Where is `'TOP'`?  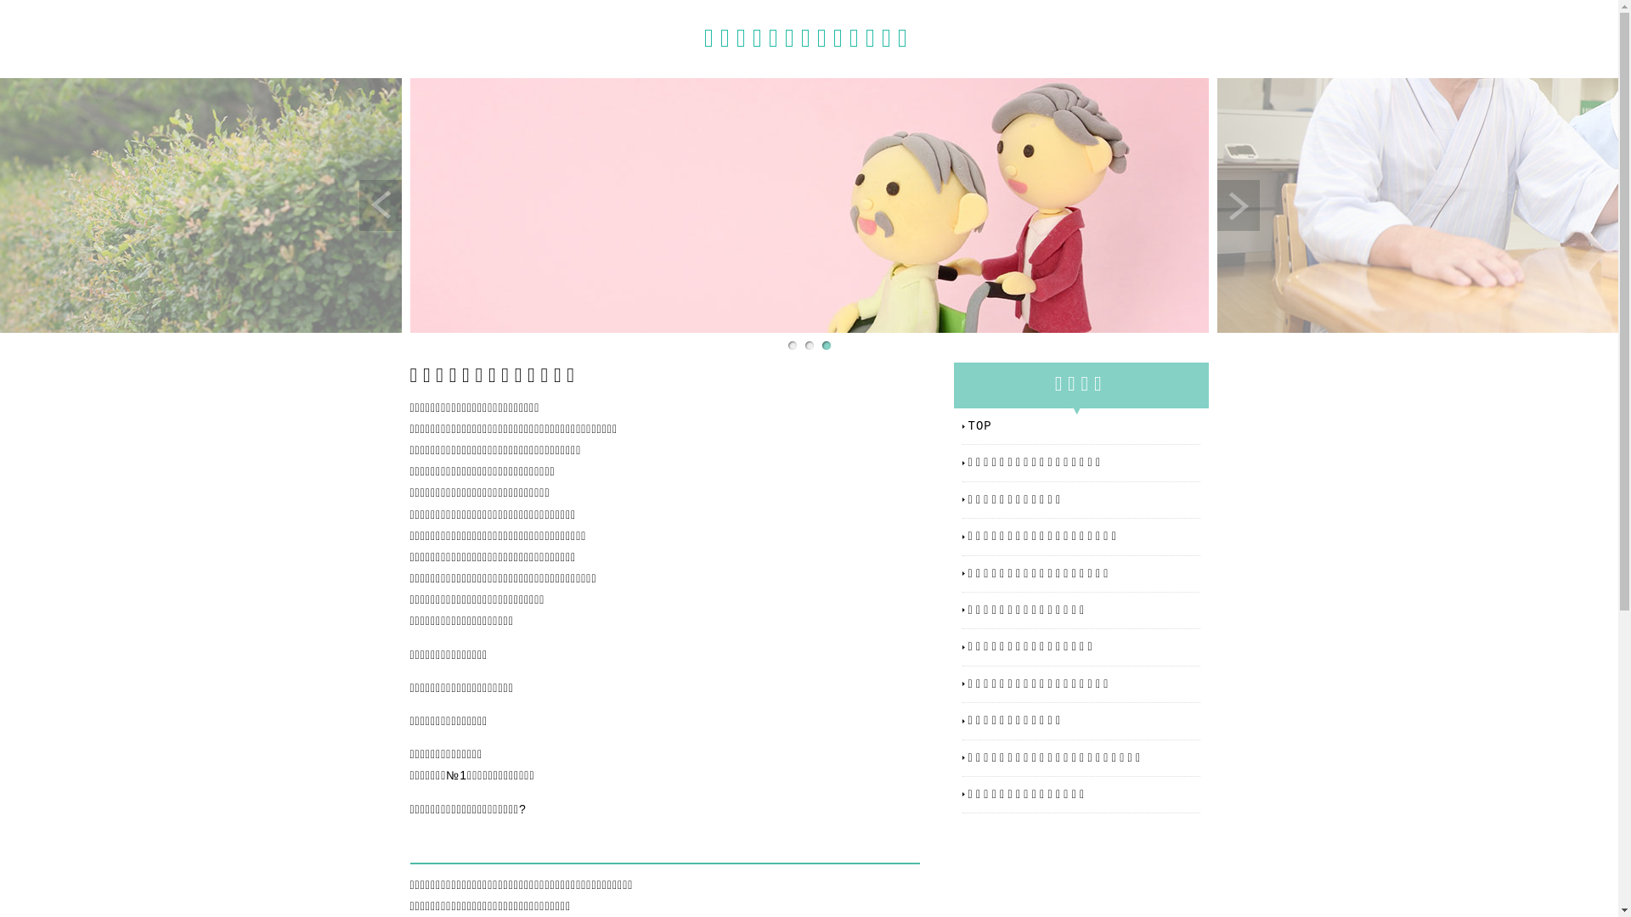
'TOP' is located at coordinates (1083, 425).